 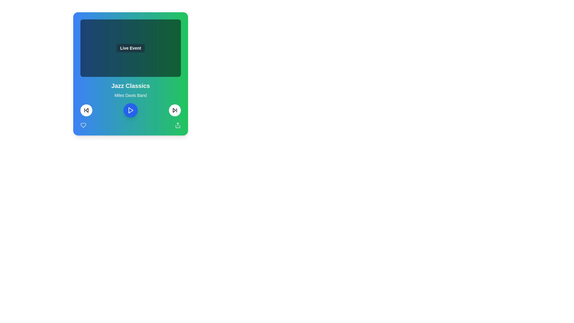 I want to click on the static text label displaying 'Miles Davis Band', which is positioned below the 'Jazz Classics' title and above the playback controls, so click(x=130, y=95).